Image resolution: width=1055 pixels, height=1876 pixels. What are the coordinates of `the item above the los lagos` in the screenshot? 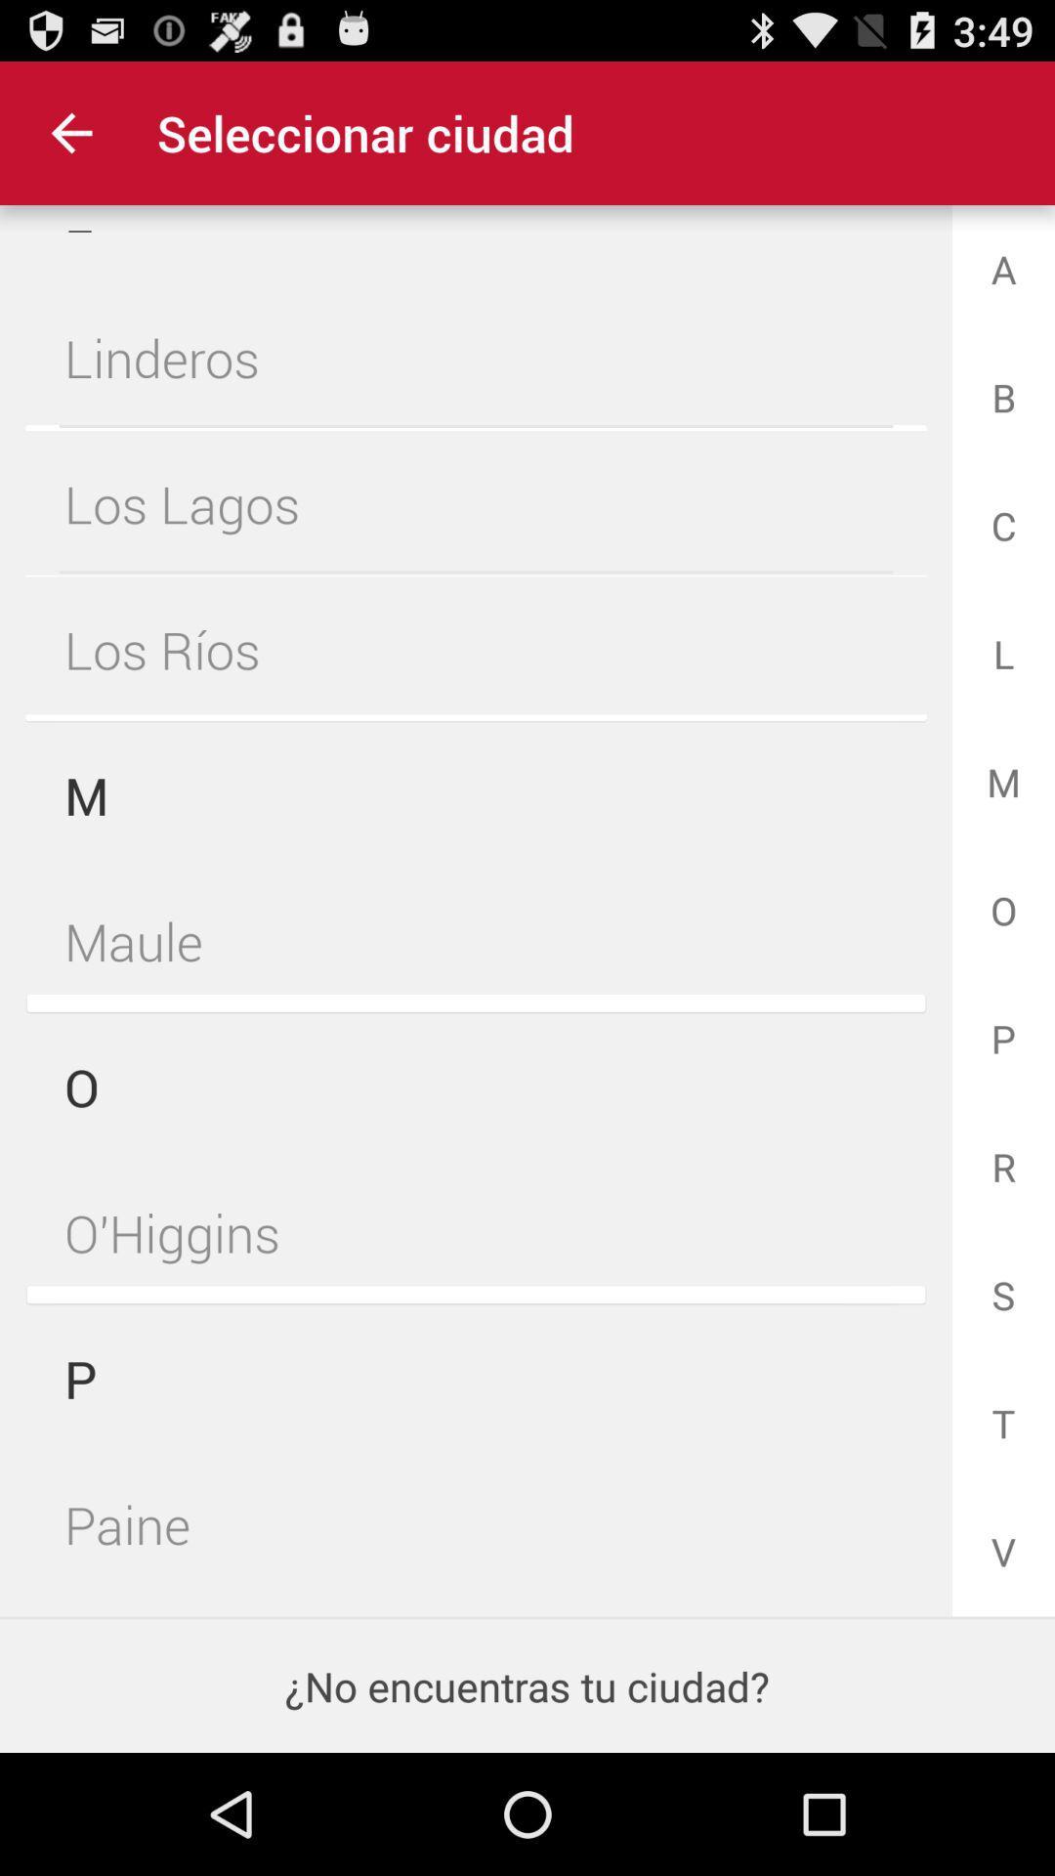 It's located at (476, 358).